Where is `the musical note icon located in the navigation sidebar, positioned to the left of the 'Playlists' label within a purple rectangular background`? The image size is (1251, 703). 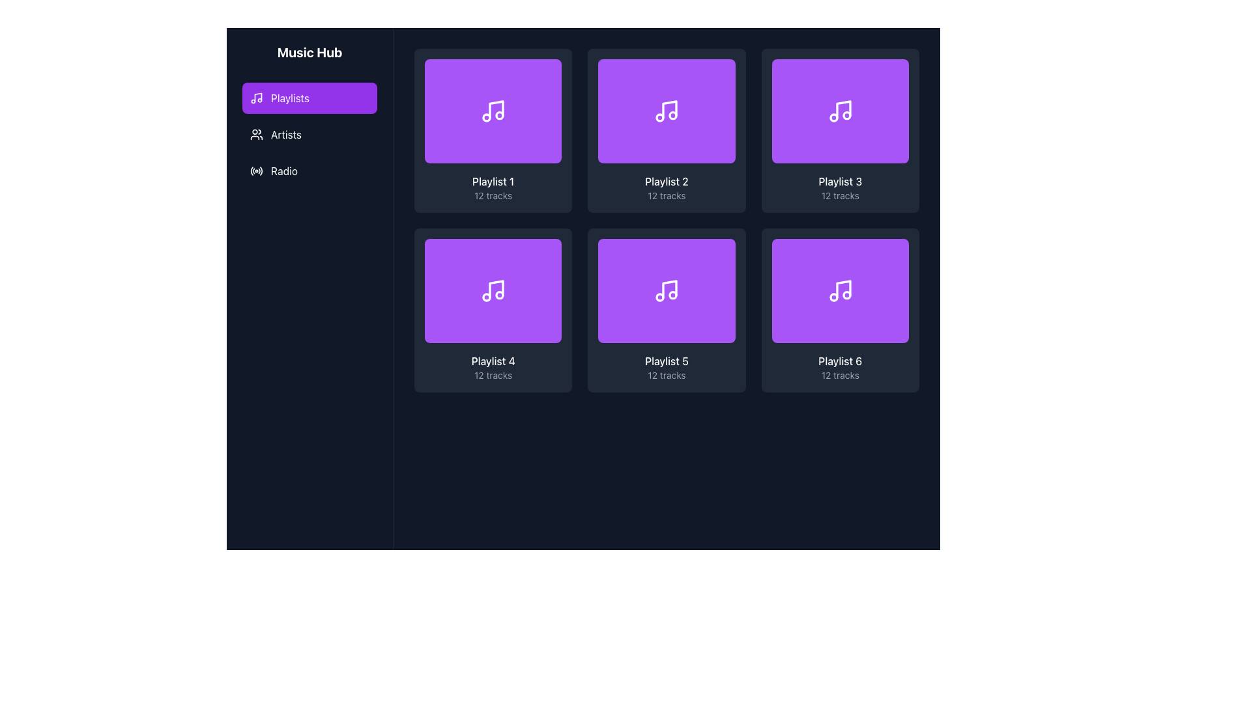
the musical note icon located in the navigation sidebar, positioned to the left of the 'Playlists' label within a purple rectangular background is located at coordinates (256, 97).